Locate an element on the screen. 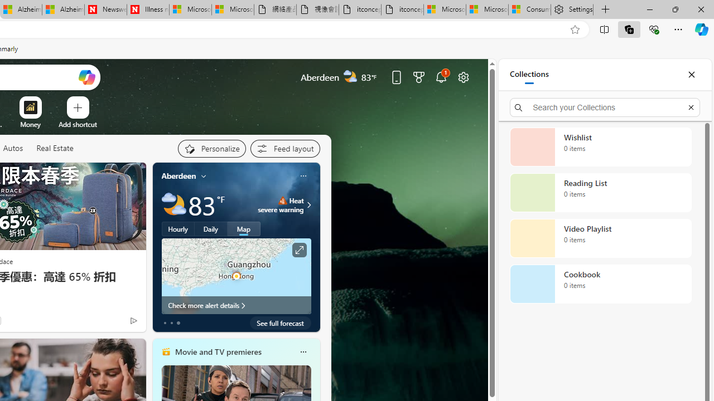 Image resolution: width=714 pixels, height=401 pixels. 'My location' is located at coordinates (204, 175).